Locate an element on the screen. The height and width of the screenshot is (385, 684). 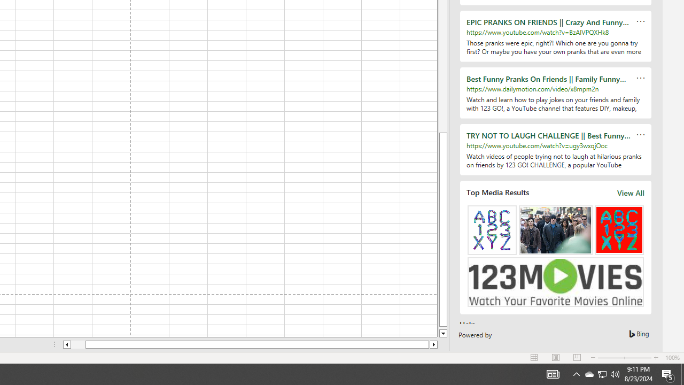
'Page down' is located at coordinates (443, 327).